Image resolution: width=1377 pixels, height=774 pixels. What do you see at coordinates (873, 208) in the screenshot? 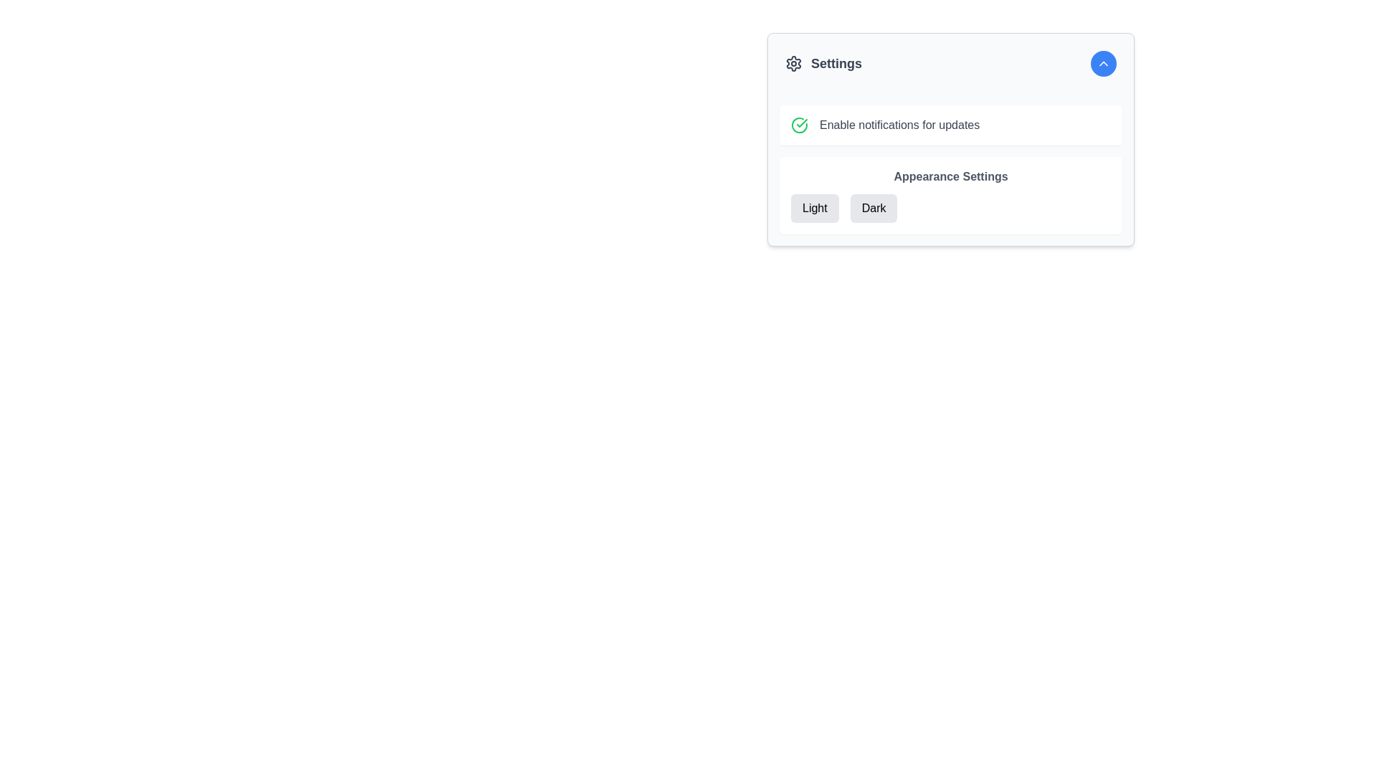
I see `the 'Dark' appearance mode button located in the lower section of the settings panel under the 'Appearance Settings' heading` at bounding box center [873, 208].